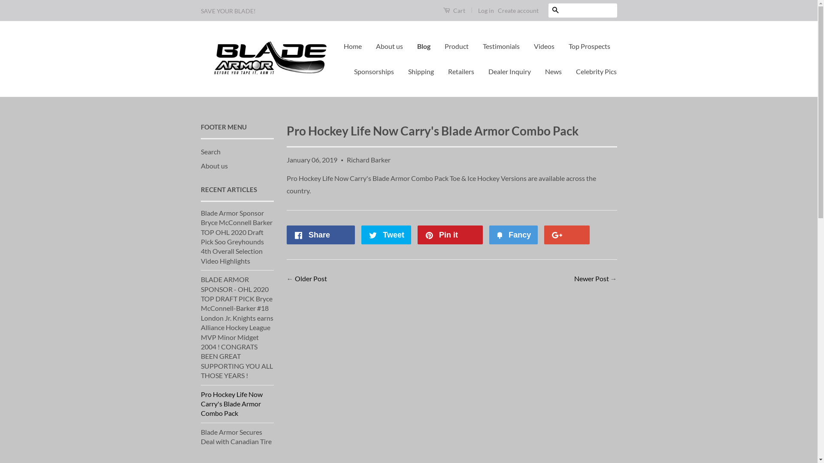  I want to click on 'Celebrity Pics', so click(593, 71).